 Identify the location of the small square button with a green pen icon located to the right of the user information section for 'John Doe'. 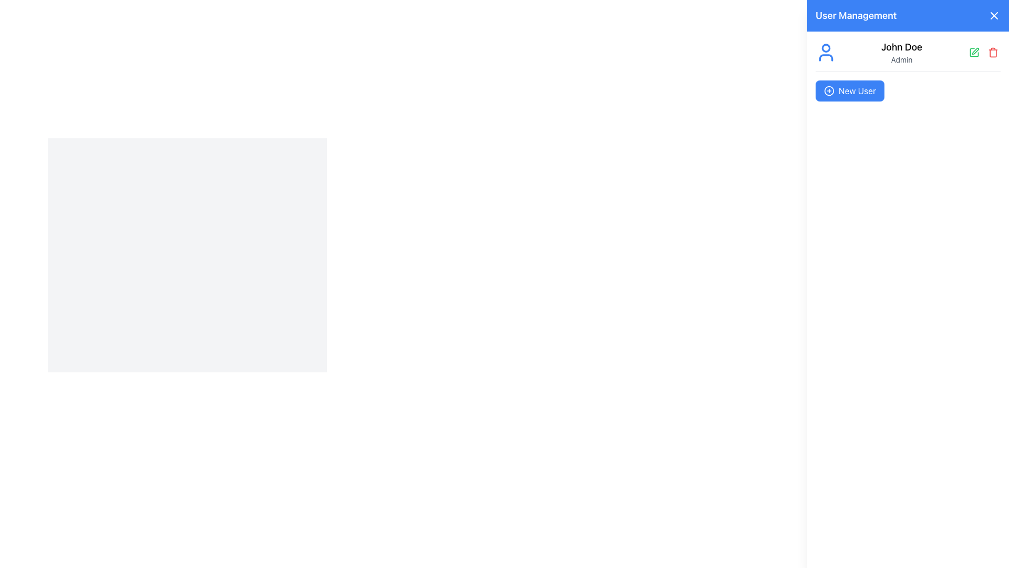
(973, 53).